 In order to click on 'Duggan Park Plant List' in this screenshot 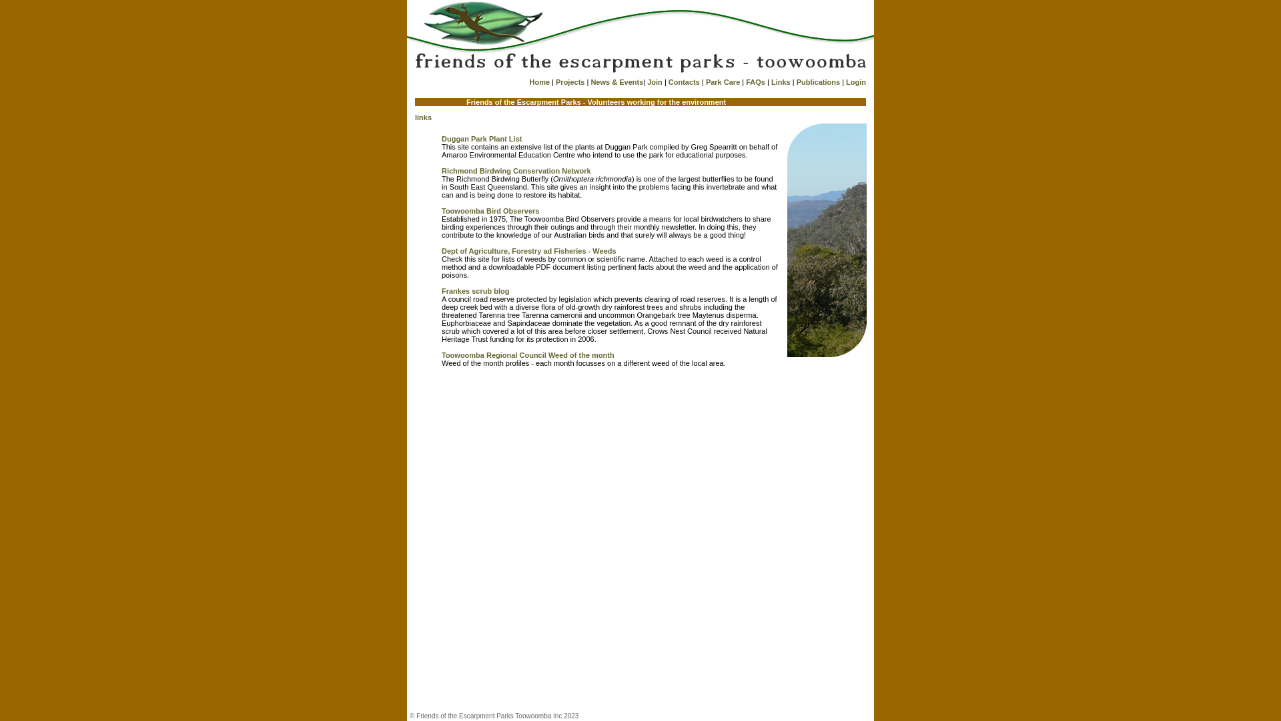, I will do `click(480, 139)`.